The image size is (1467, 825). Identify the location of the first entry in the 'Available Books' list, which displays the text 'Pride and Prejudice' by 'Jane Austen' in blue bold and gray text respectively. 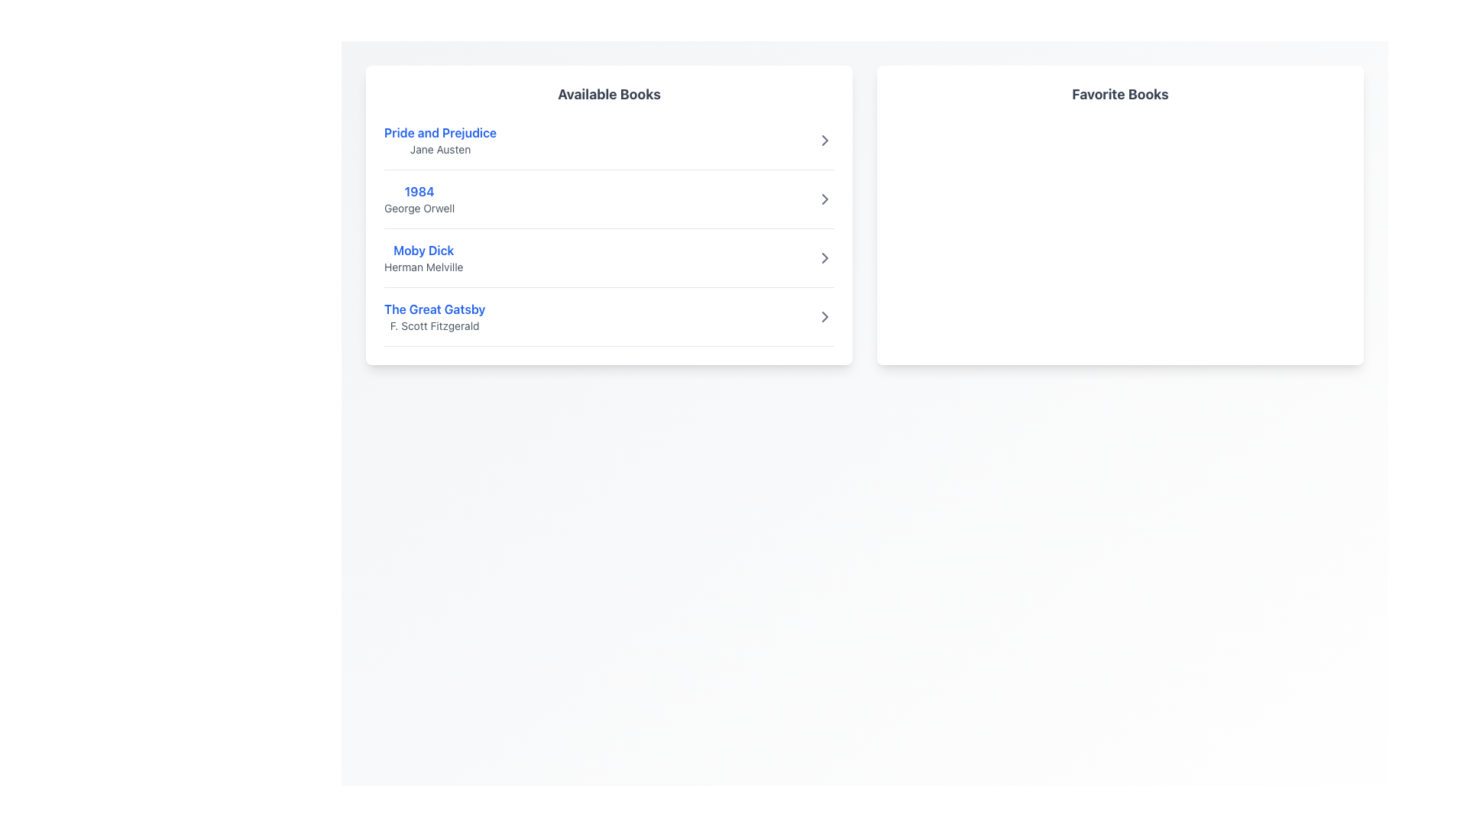
(439, 141).